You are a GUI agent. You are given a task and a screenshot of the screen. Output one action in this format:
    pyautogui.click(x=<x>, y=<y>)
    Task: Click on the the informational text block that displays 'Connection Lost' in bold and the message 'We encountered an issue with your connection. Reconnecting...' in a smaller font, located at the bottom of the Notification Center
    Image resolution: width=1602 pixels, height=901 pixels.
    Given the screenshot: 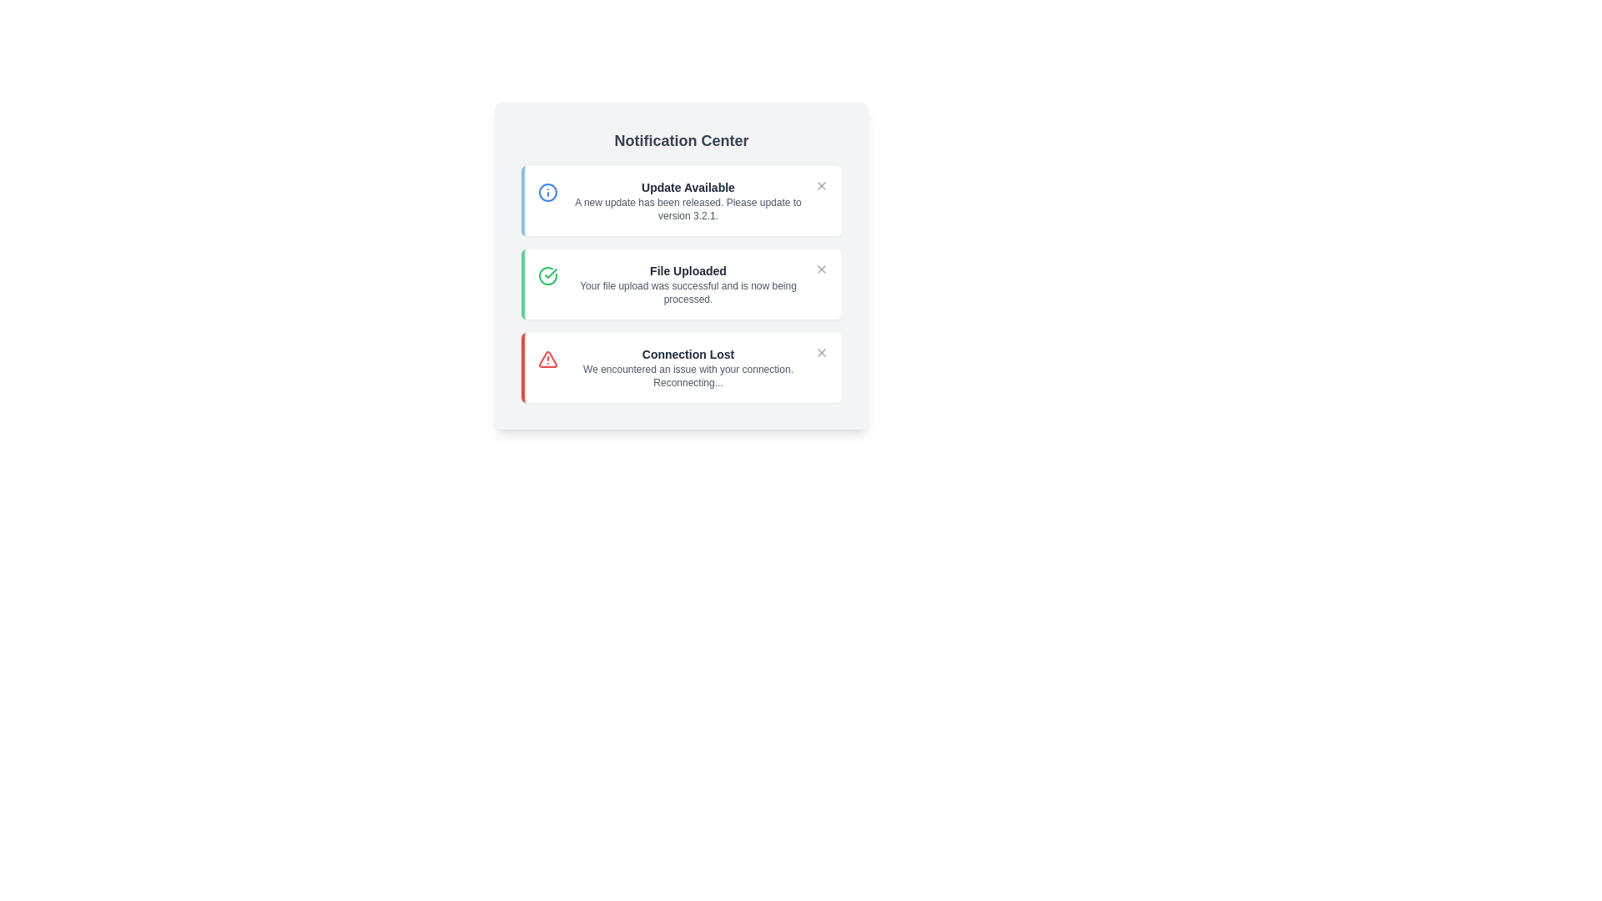 What is the action you would take?
    pyautogui.click(x=688, y=366)
    